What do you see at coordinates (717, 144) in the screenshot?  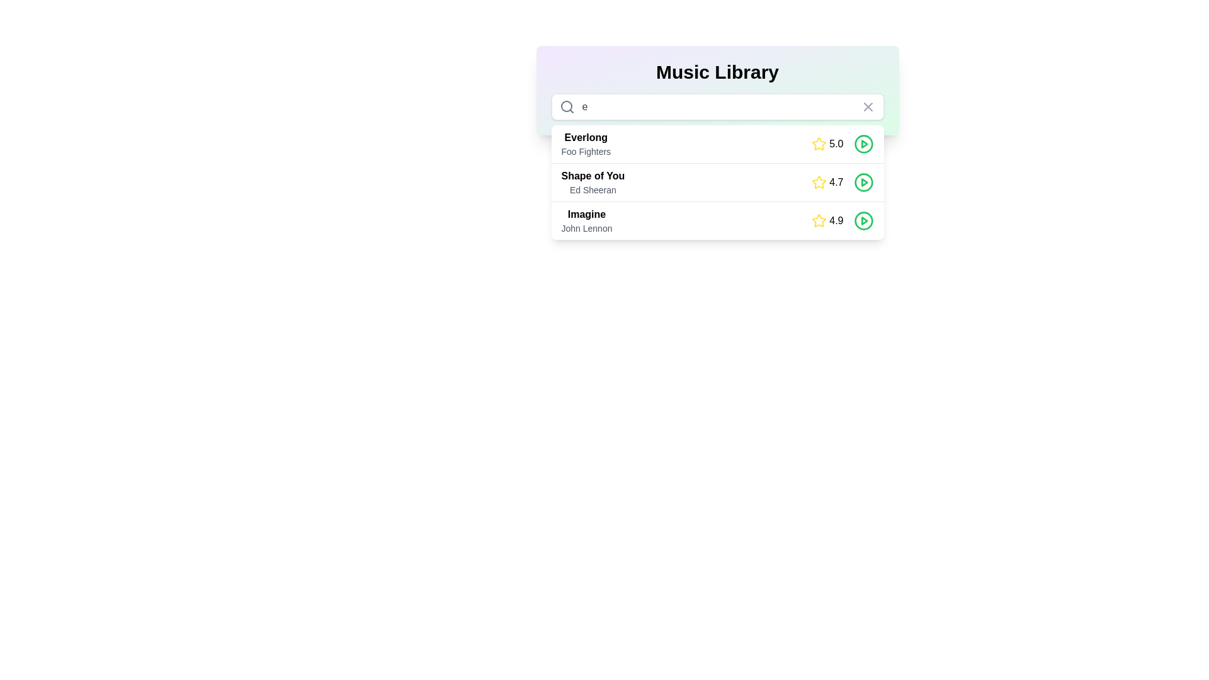 I see `the green circular play button next to the song title 'Everlong' by 'Foo Fighters' in the dropdown menu titled 'Music Library' to play the song` at bounding box center [717, 144].